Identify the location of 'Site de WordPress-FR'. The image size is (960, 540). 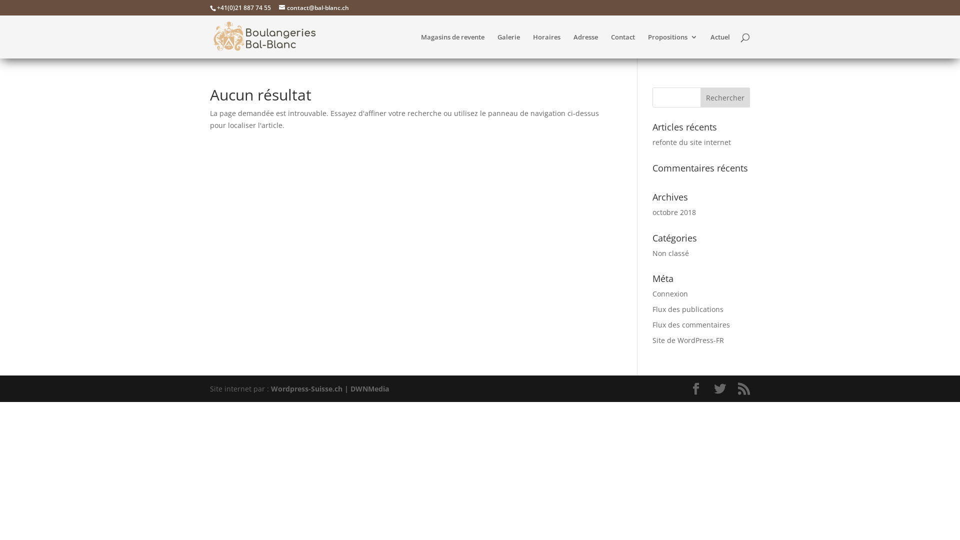
(687, 339).